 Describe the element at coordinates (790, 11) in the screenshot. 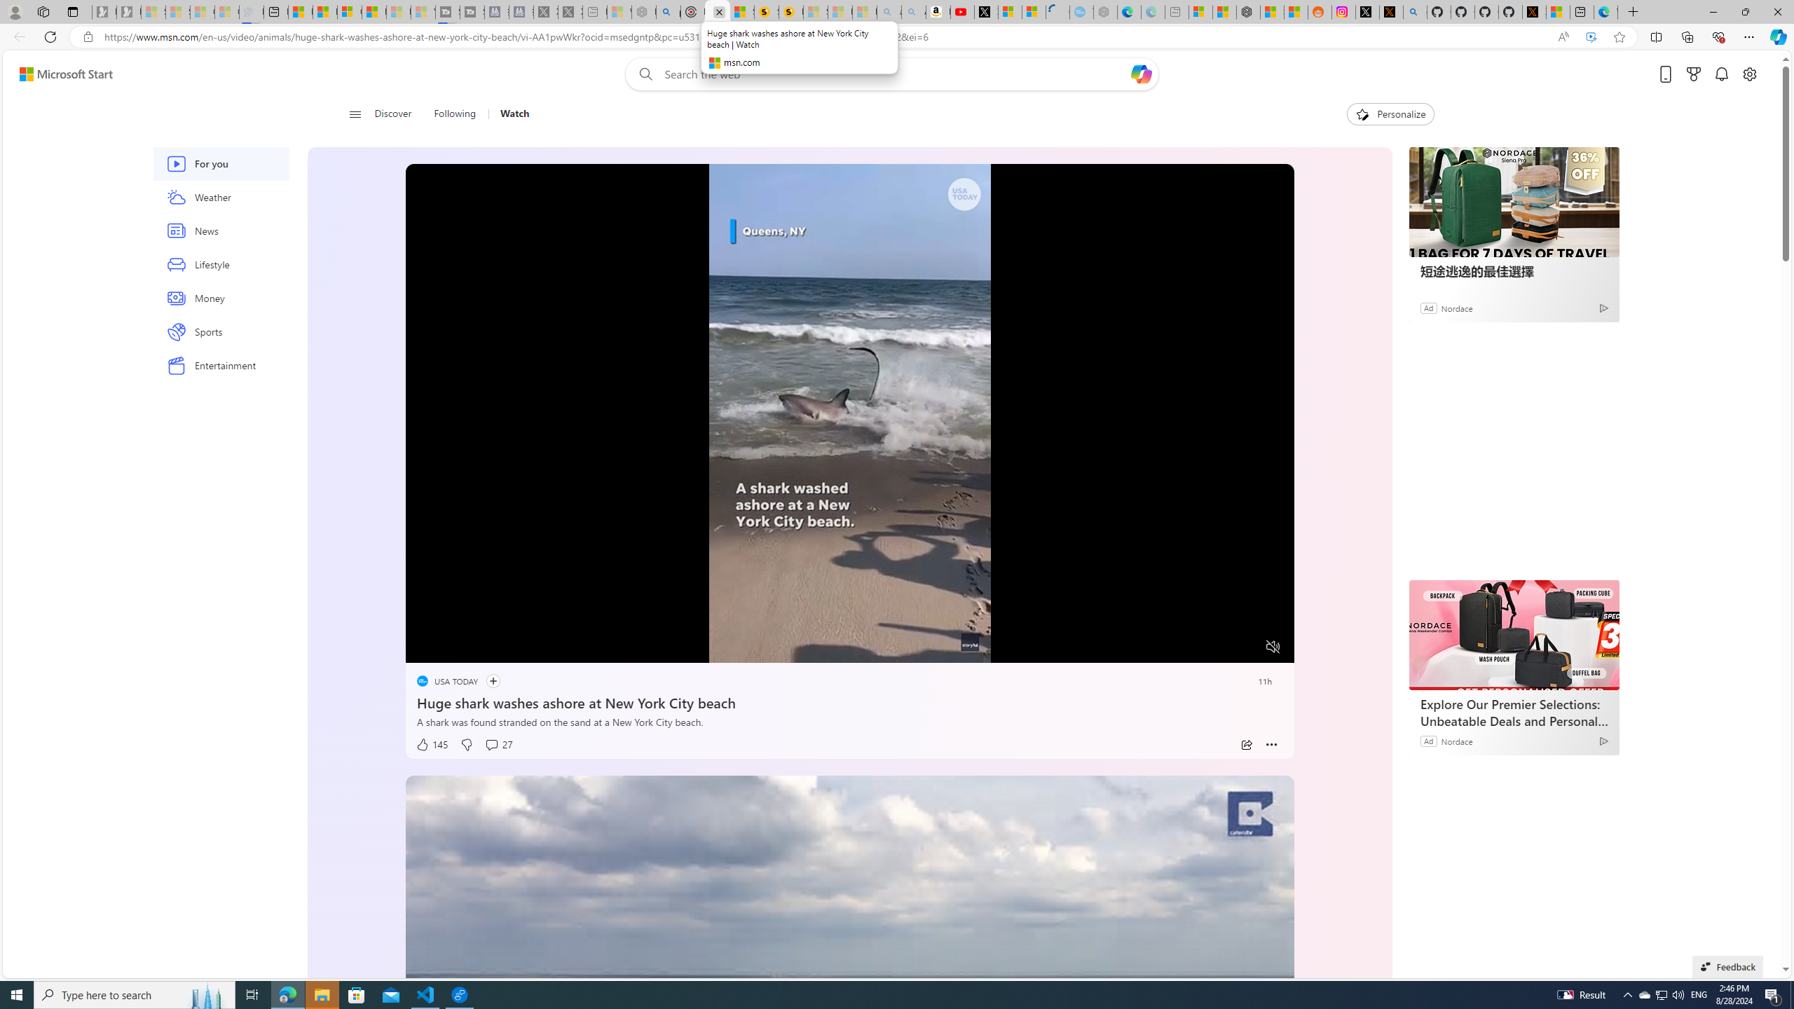

I see `'Michelle Starr, Senior Journalist at ScienceAlert'` at that location.